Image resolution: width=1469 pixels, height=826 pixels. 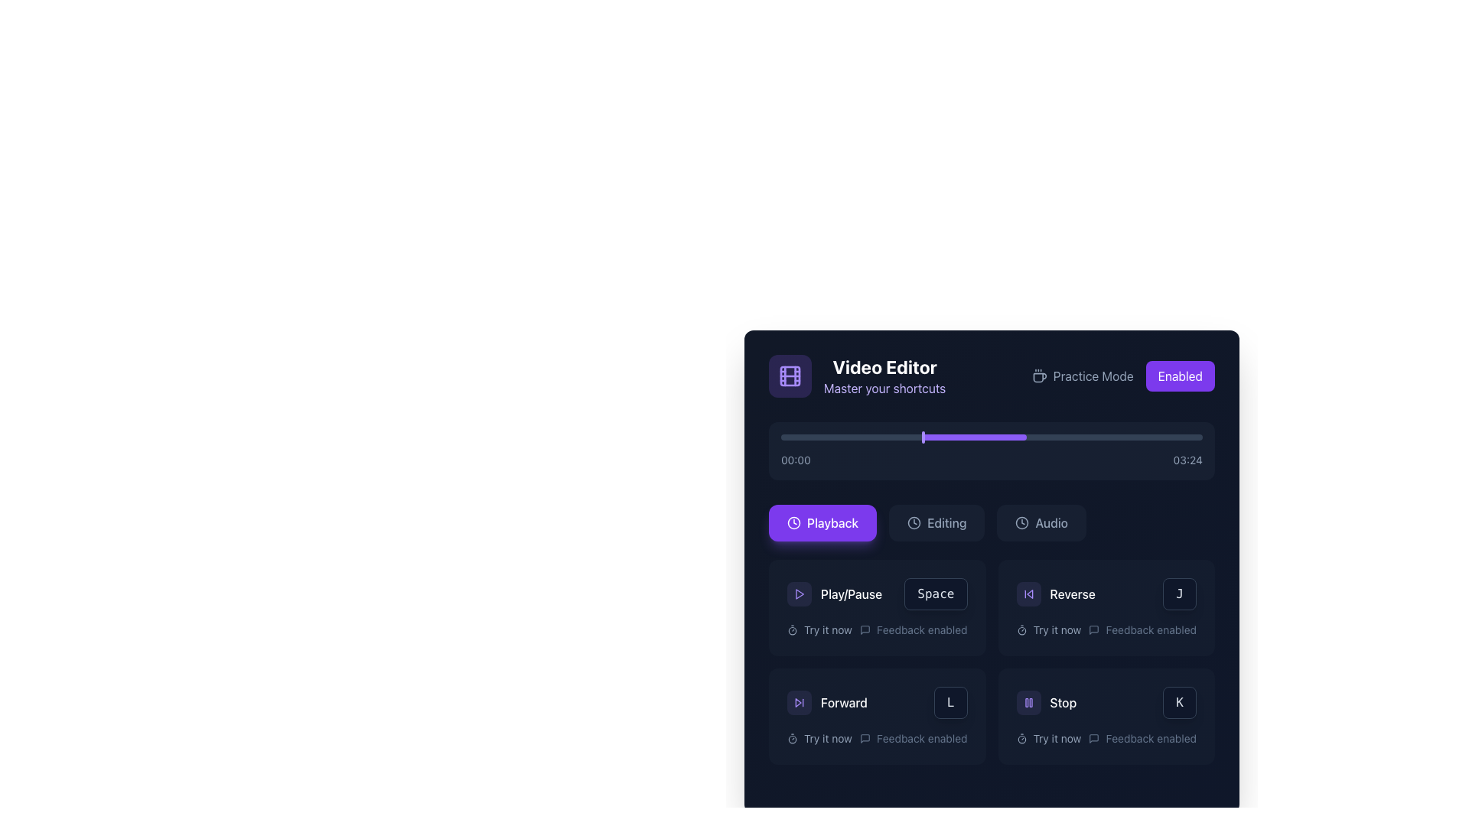 What do you see at coordinates (1093, 630) in the screenshot?
I see `the Icon component within the SVG that indicates a messaging or commenting feature, located in the top-left corner of the main control panel` at bounding box center [1093, 630].